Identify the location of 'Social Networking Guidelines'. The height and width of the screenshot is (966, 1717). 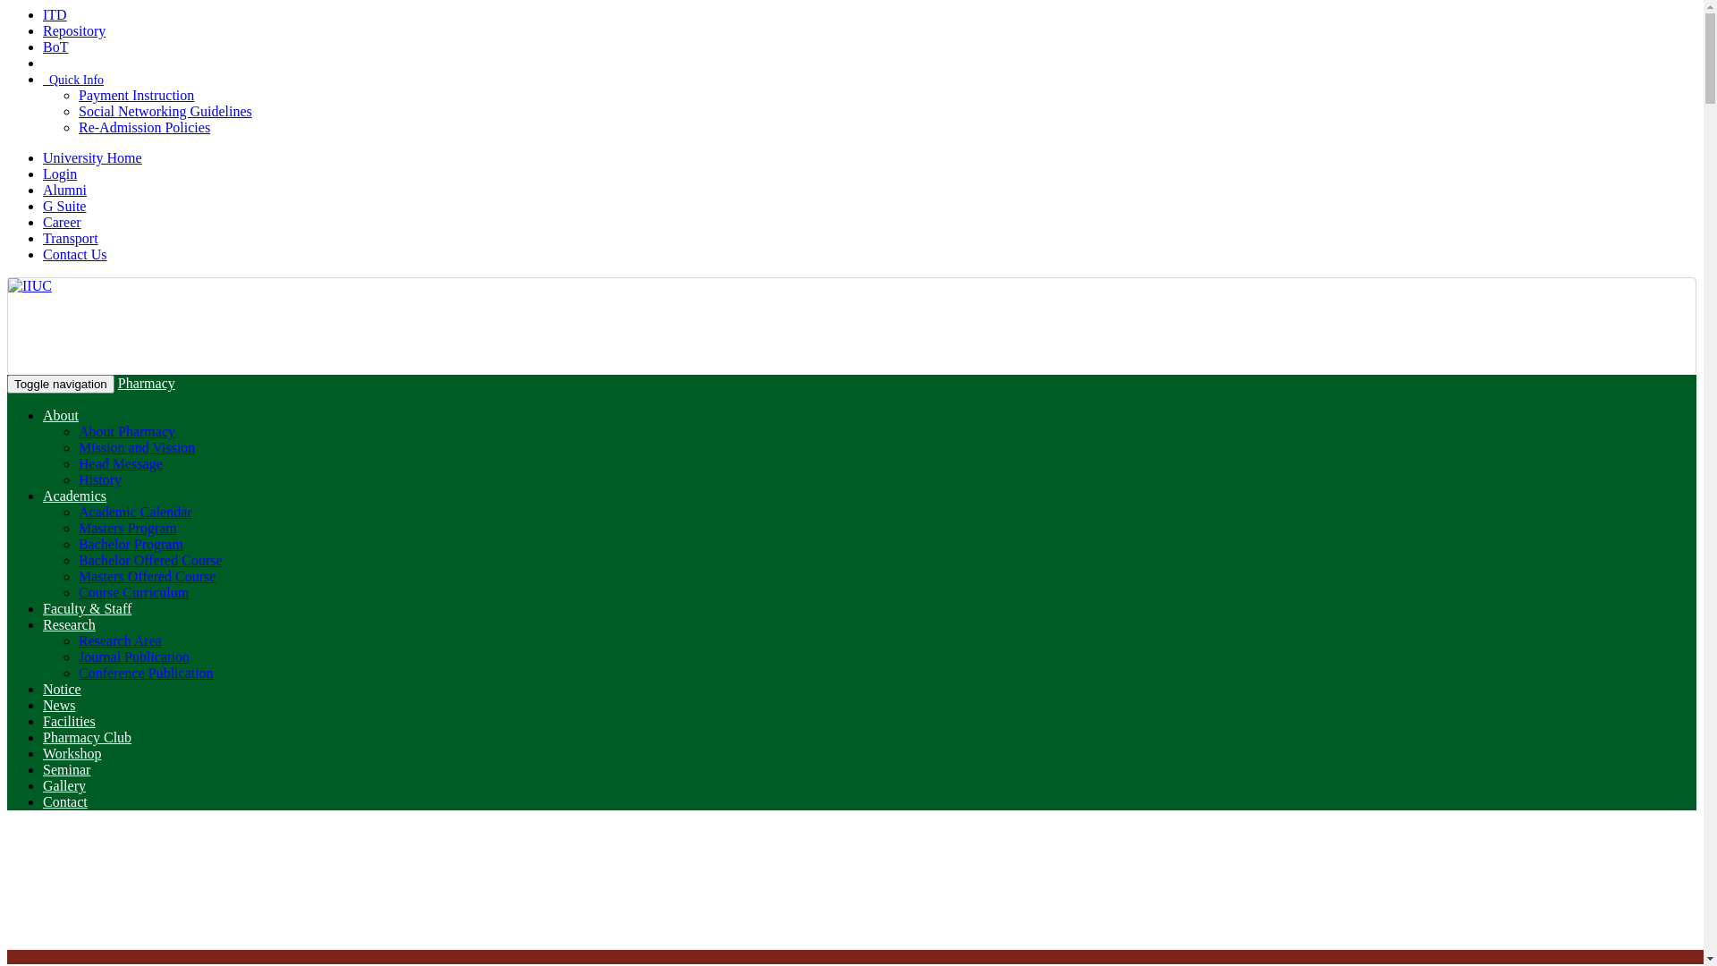
(77, 111).